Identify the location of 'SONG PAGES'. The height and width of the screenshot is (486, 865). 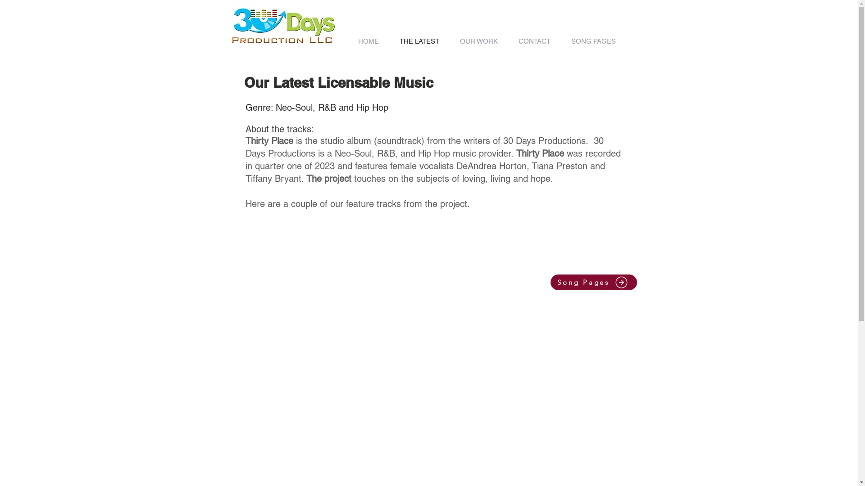
(593, 41).